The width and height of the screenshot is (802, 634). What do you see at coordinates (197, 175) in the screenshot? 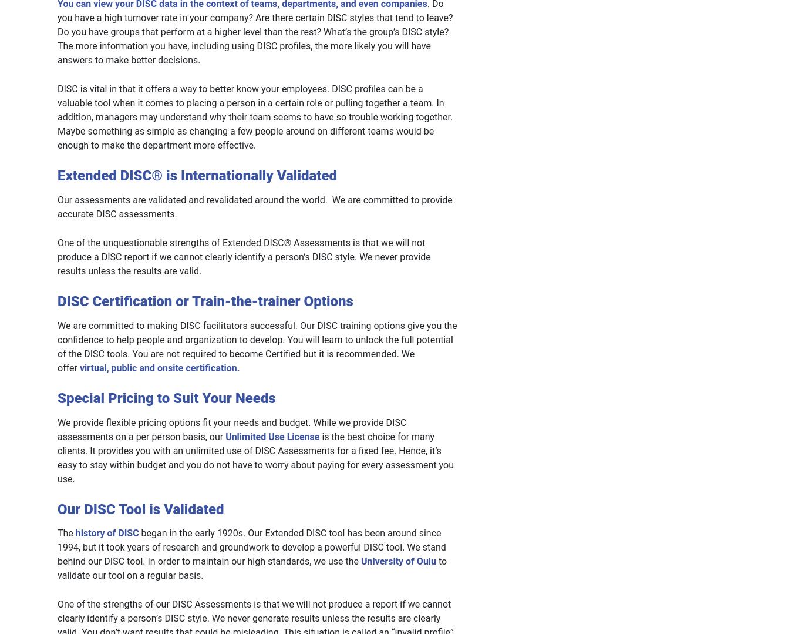
I see `'Extended DISC® is Internationally Validated'` at bounding box center [197, 175].